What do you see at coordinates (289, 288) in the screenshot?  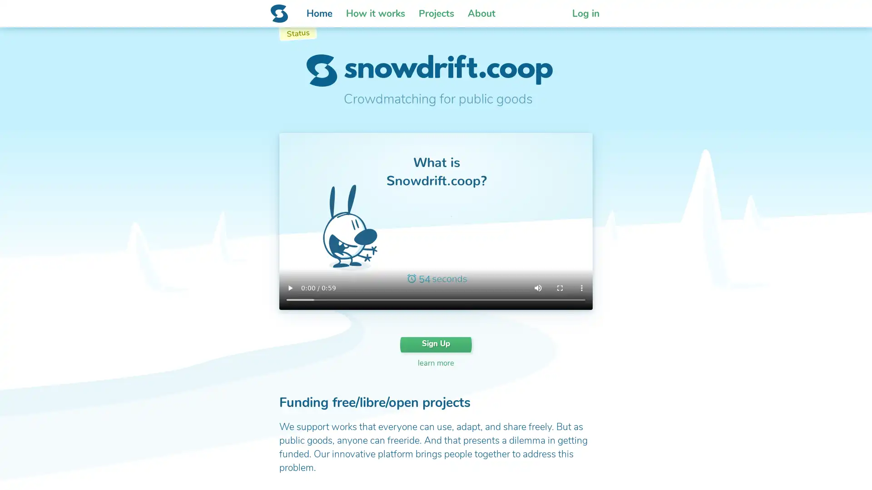 I see `play` at bounding box center [289, 288].